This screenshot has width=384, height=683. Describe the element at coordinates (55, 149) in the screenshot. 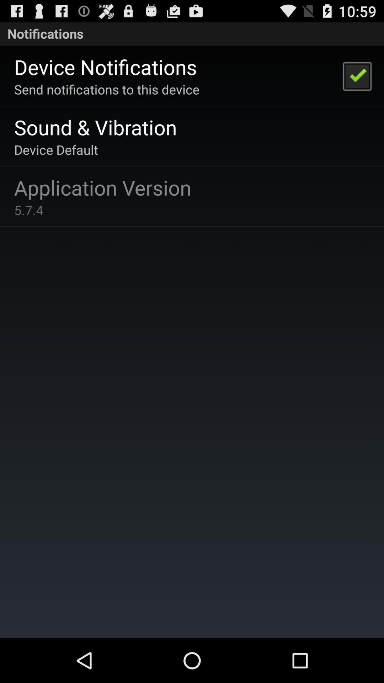

I see `the icon below the sound & vibration app` at that location.